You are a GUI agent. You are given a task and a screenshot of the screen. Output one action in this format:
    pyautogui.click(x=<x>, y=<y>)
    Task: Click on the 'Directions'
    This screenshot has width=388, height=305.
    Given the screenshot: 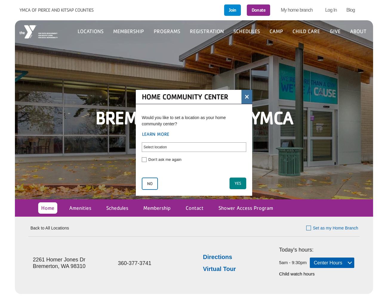 What is the action you would take?
    pyautogui.click(x=217, y=257)
    